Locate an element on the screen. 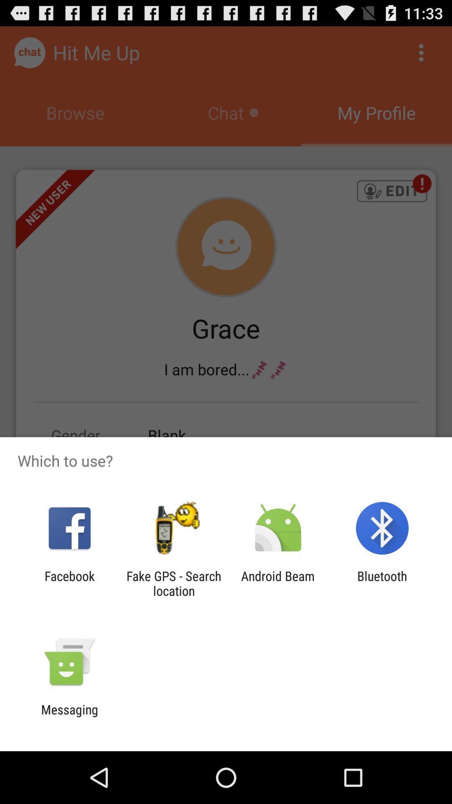  the messaging app is located at coordinates (69, 716).